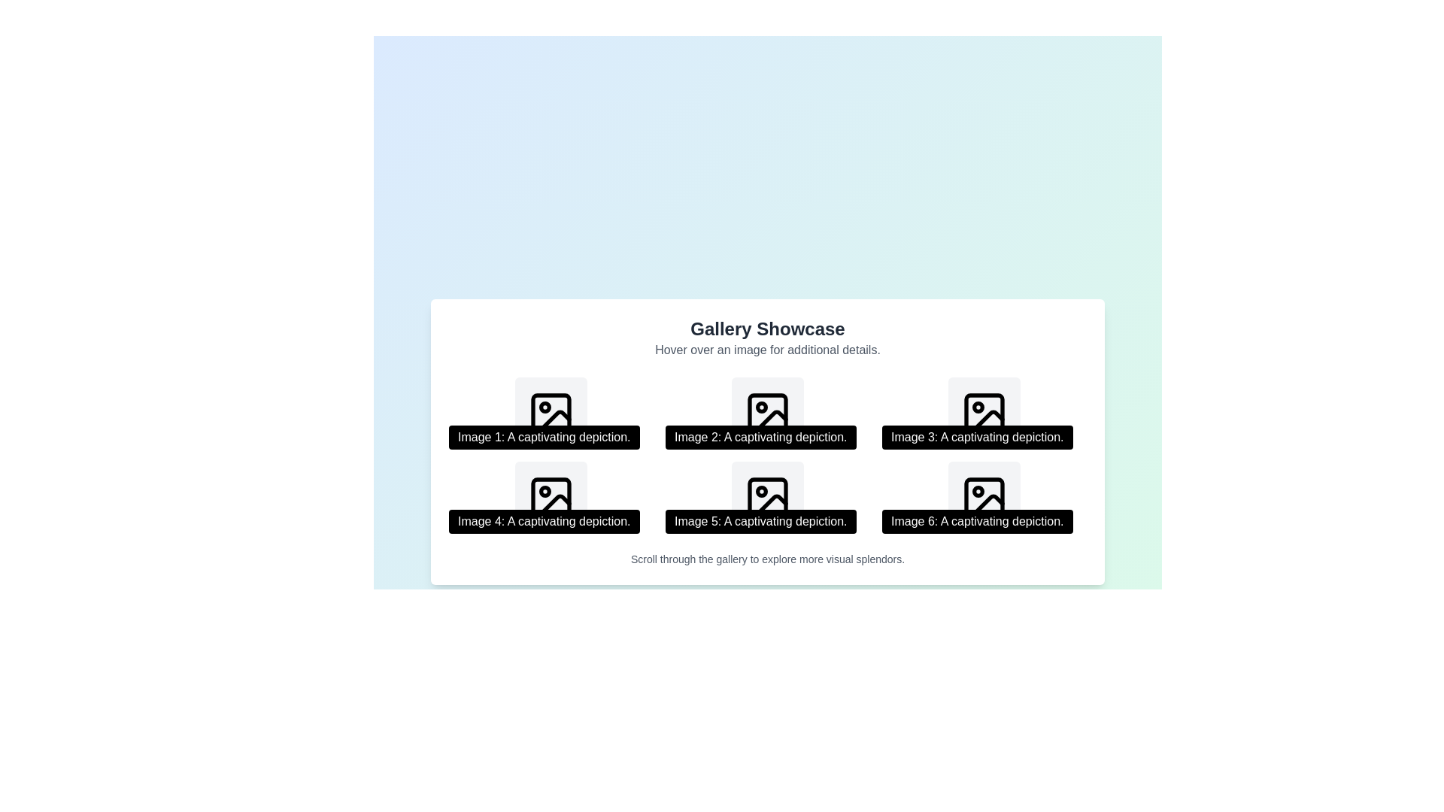 This screenshot has width=1444, height=812. I want to click on the small rectangular icon with rounded corners that is centrally positioned within the image icon in the second row and first column of the gallery grid, which is located below the text 'Image 4: A captivating depiction.', so click(551, 498).